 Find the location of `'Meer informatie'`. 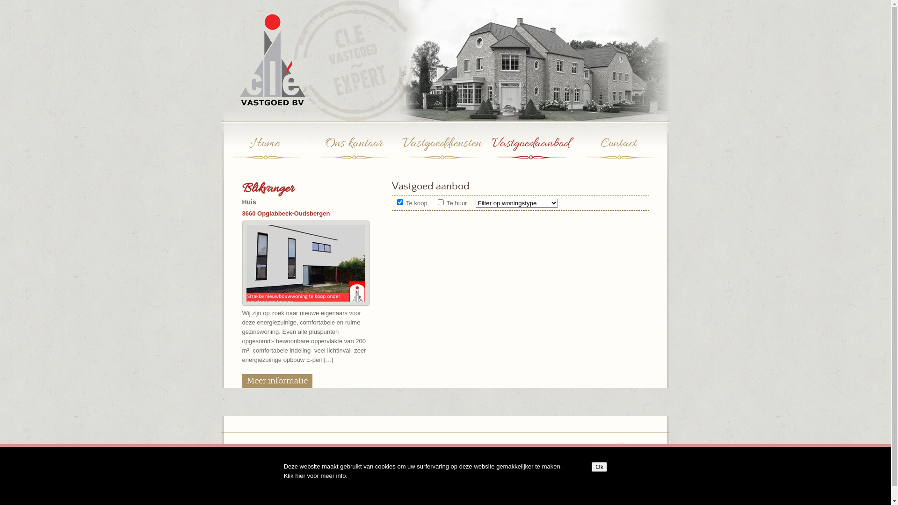

'Meer informatie' is located at coordinates (242, 381).